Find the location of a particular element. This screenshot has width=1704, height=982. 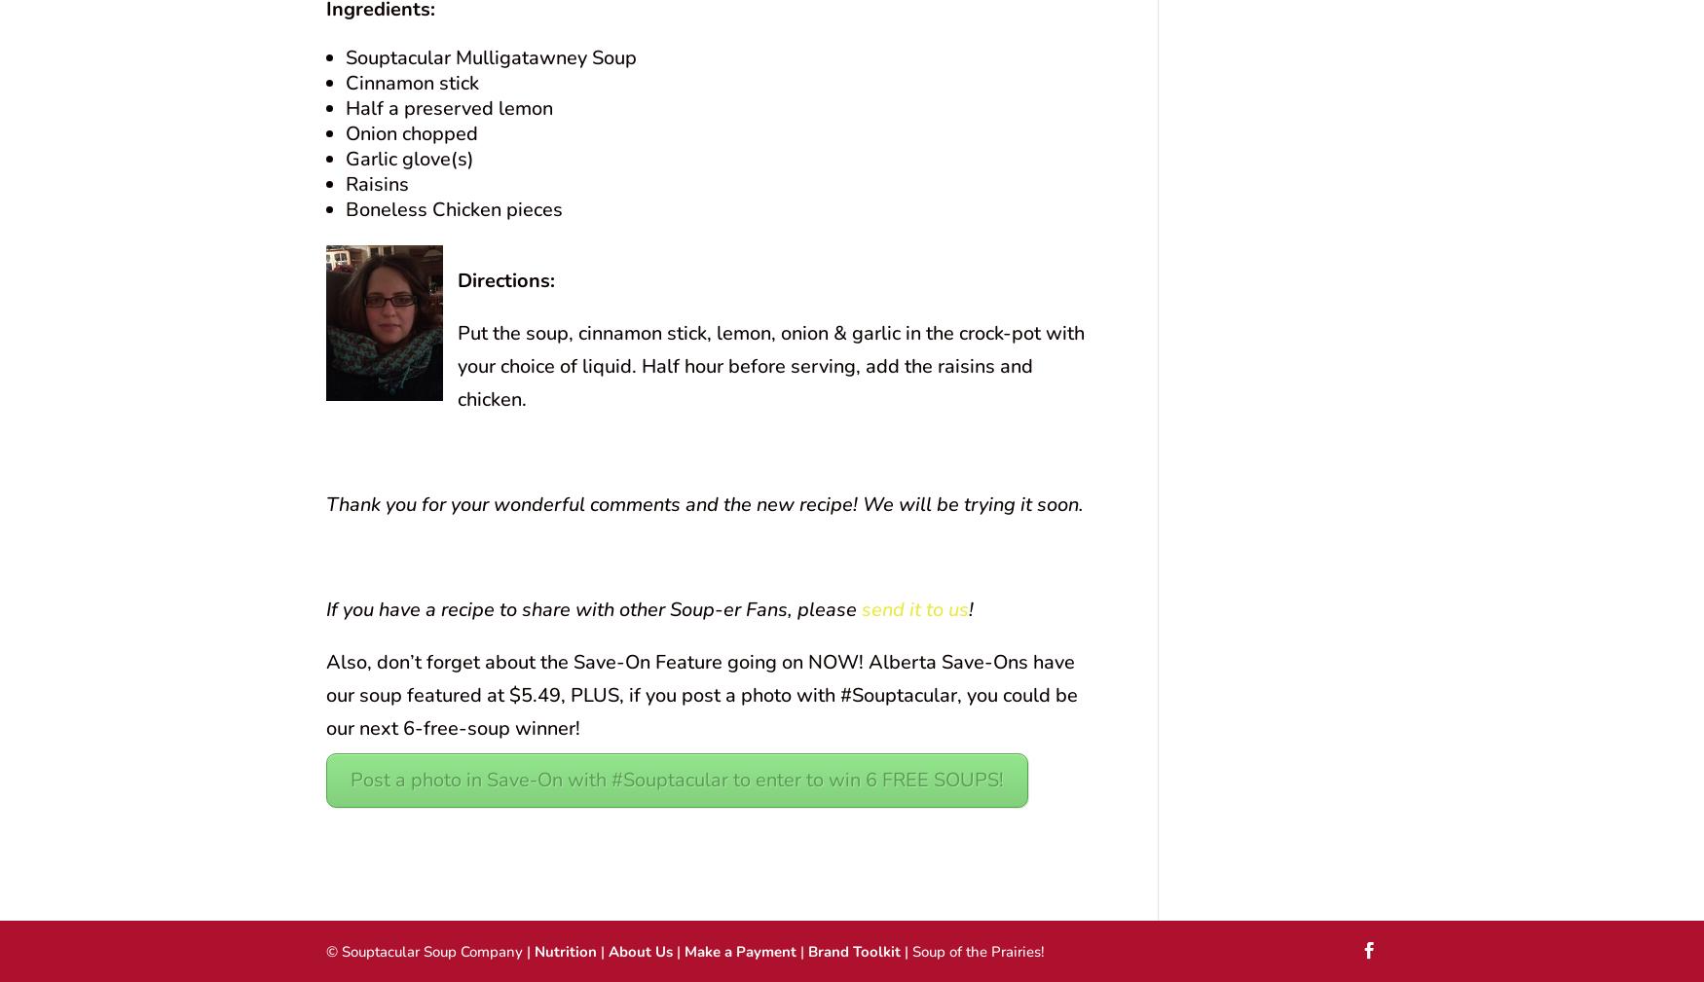

'Onion chopped' is located at coordinates (346, 132).